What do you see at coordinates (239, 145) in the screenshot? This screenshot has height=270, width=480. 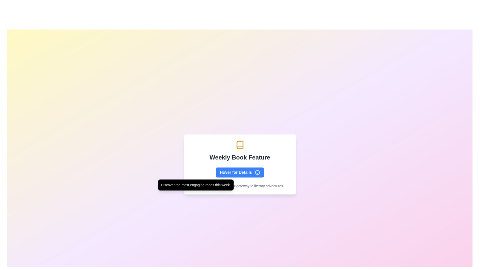 I see `the book icon, which is an SVG representation outlined in yellow, positioned above the 'Weekly Book Feature' text` at bounding box center [239, 145].